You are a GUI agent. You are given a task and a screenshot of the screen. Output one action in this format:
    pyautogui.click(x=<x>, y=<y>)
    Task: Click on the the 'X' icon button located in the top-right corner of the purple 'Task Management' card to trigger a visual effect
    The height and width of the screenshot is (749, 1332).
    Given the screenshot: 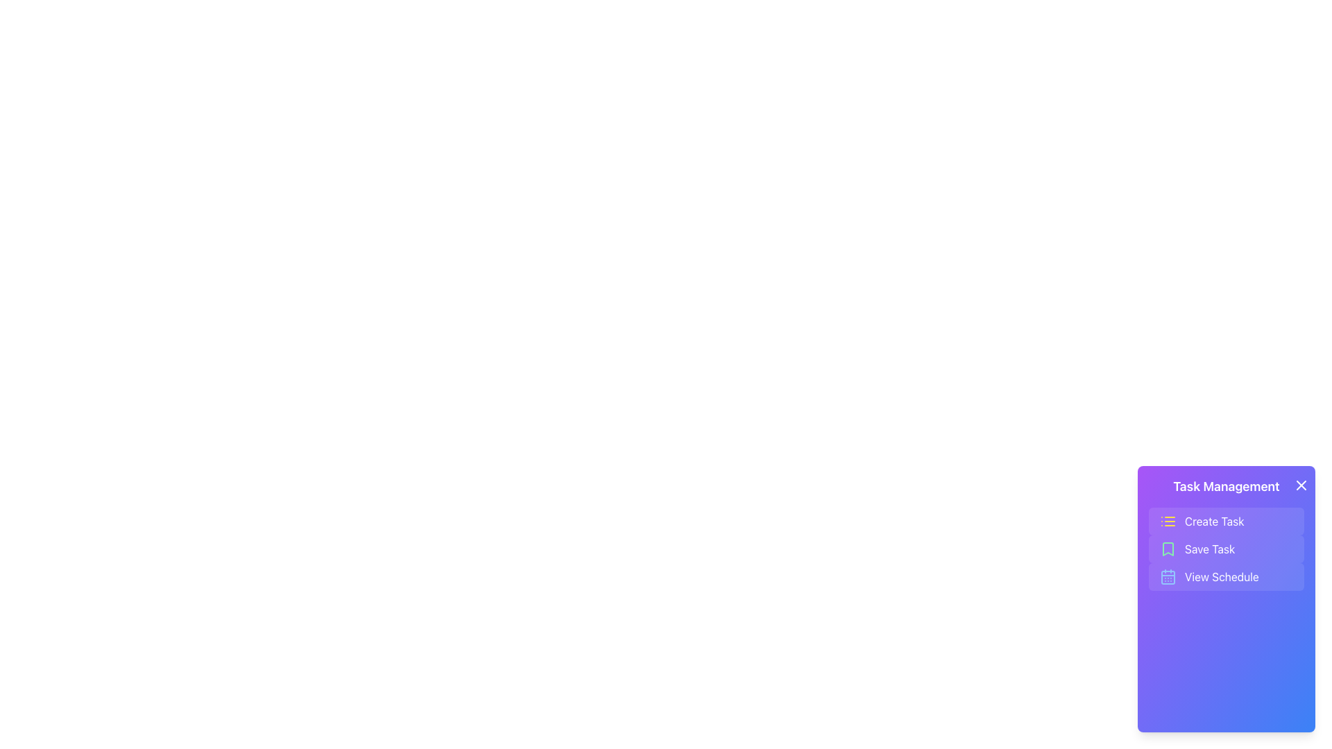 What is the action you would take?
    pyautogui.click(x=1301, y=484)
    